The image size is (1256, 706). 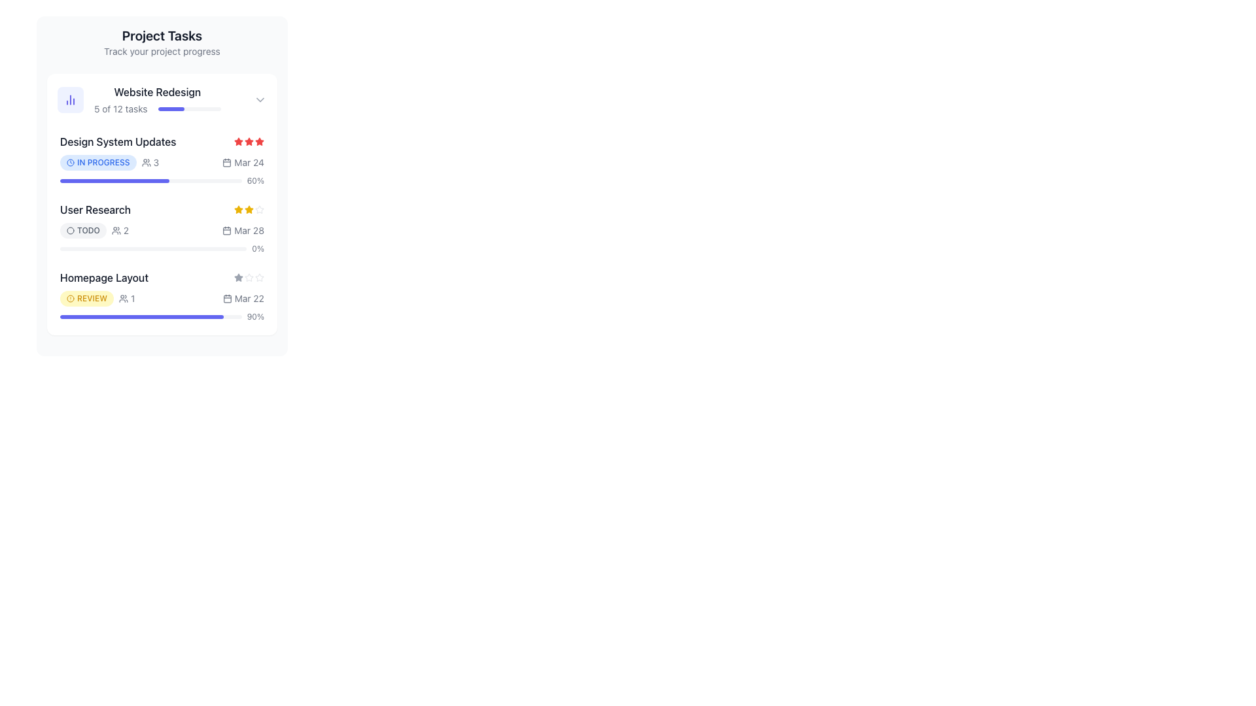 I want to click on each of the three red star icons in the Icon group located in the 'Design System Updates' section of the 'Project Tasks' card, so click(x=249, y=141).